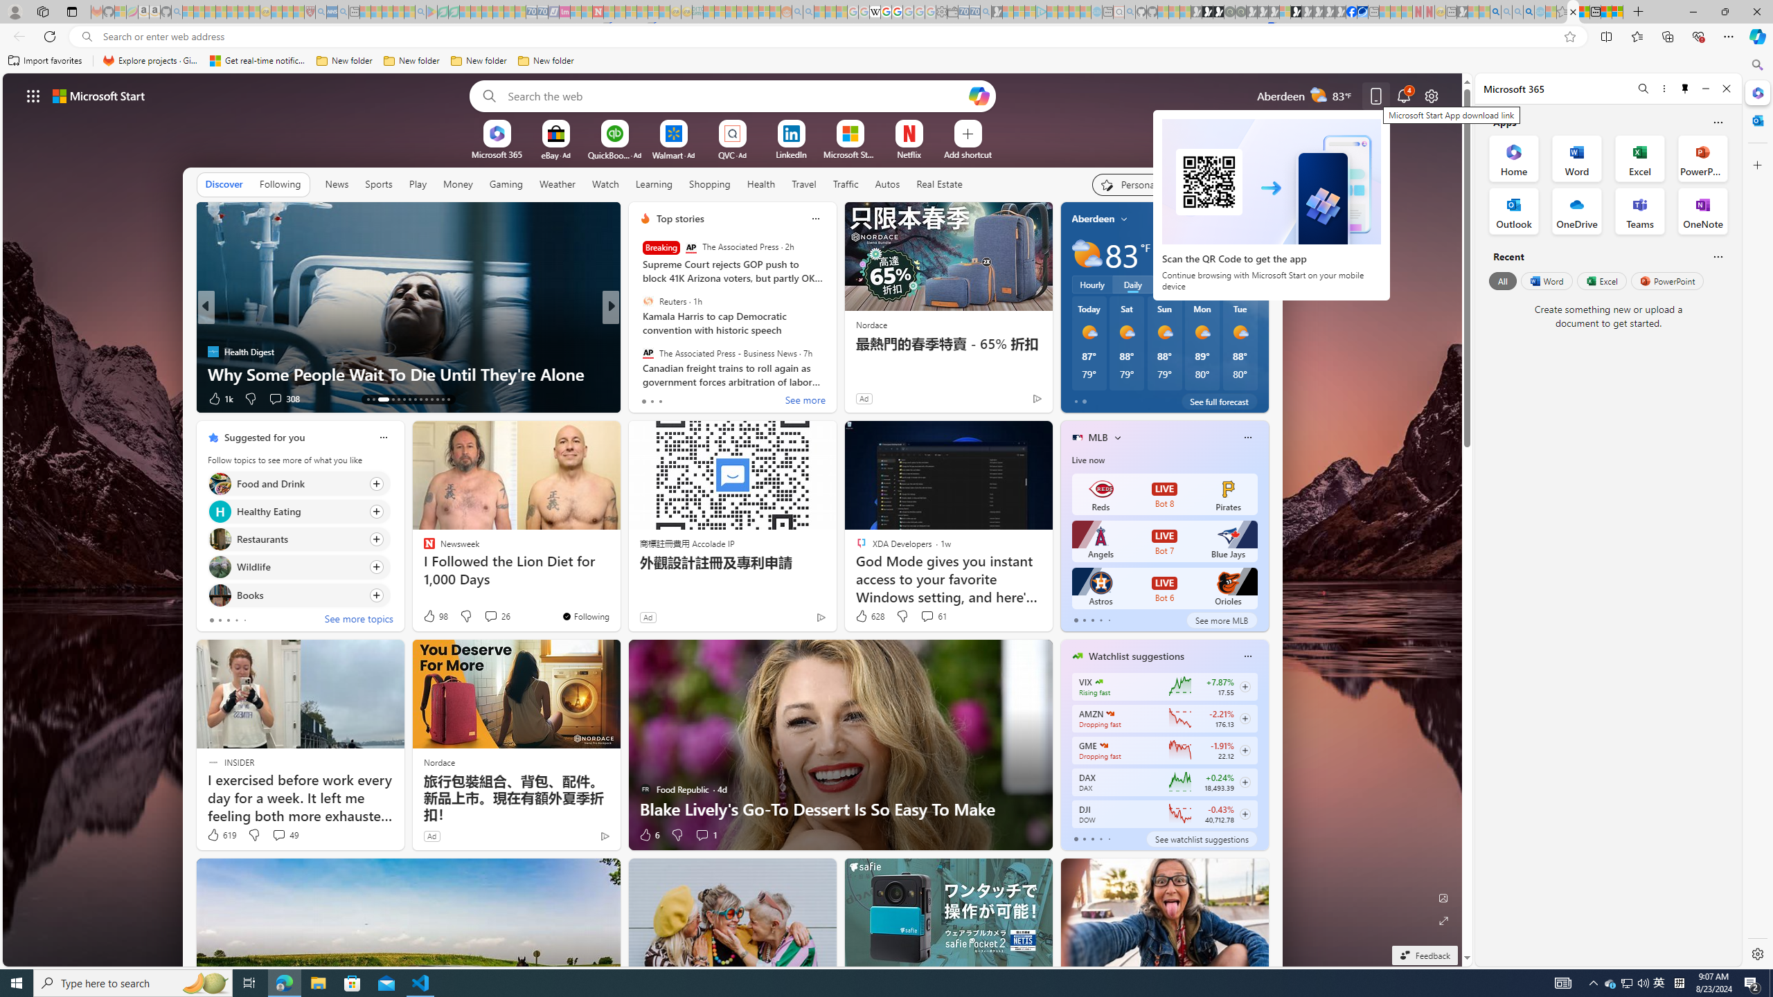 This screenshot has height=997, width=1773. What do you see at coordinates (1513, 157) in the screenshot?
I see `'Home Office App'` at bounding box center [1513, 157].